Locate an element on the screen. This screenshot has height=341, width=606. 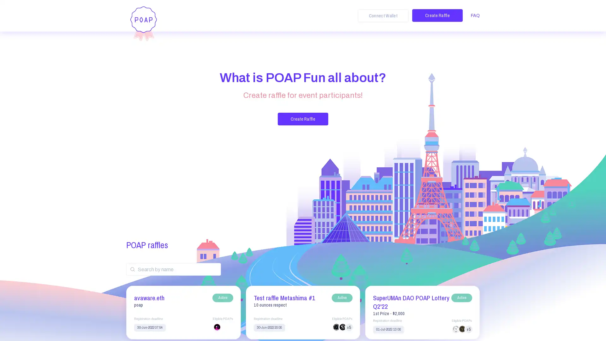
Create Raffle is located at coordinates (303, 119).